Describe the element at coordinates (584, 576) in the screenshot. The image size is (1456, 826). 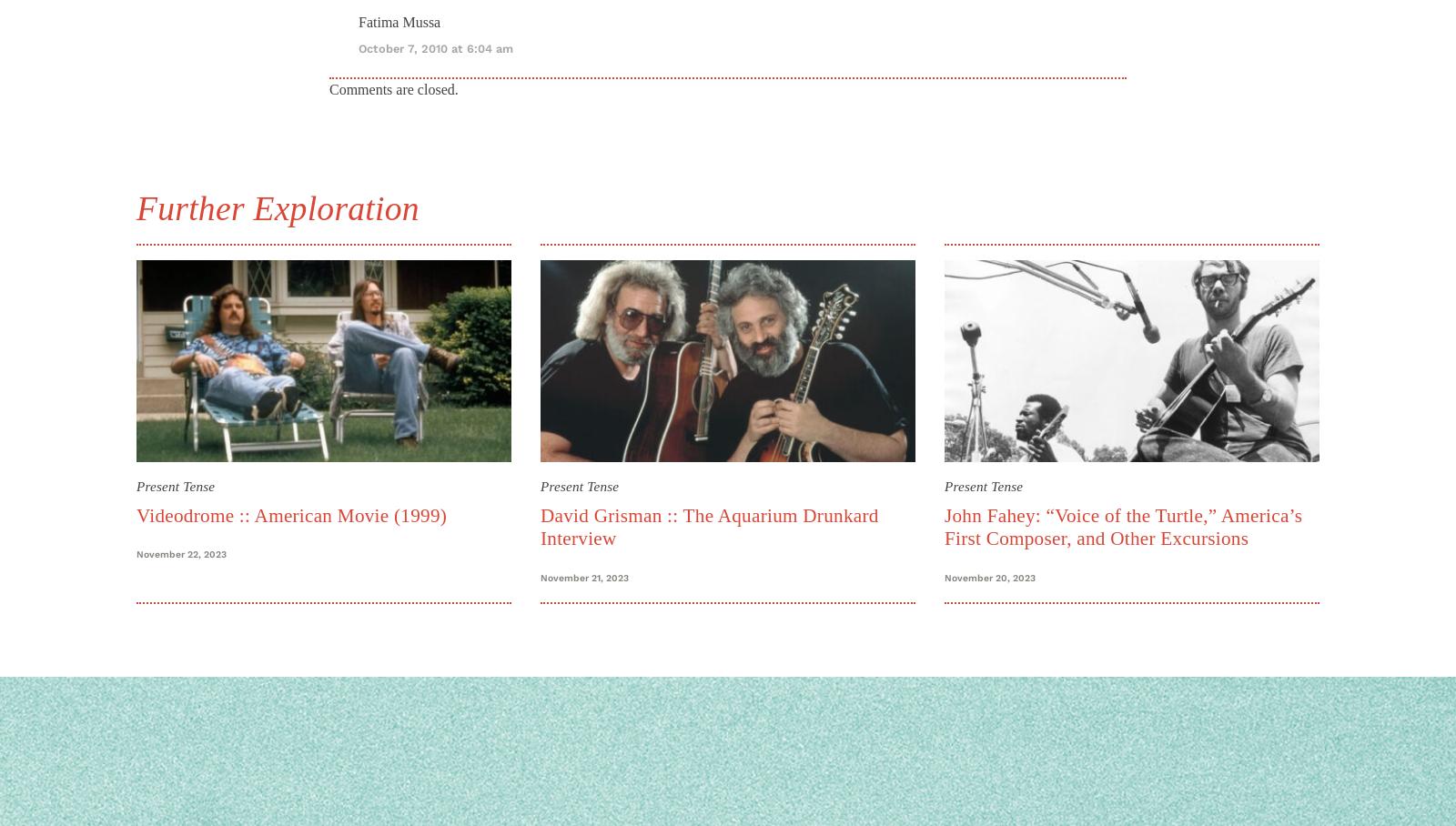
I see `'November 21, 2023'` at that location.